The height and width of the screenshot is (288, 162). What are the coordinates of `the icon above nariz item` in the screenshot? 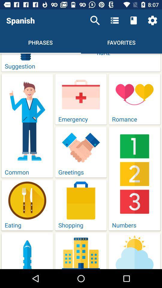 It's located at (152, 20).